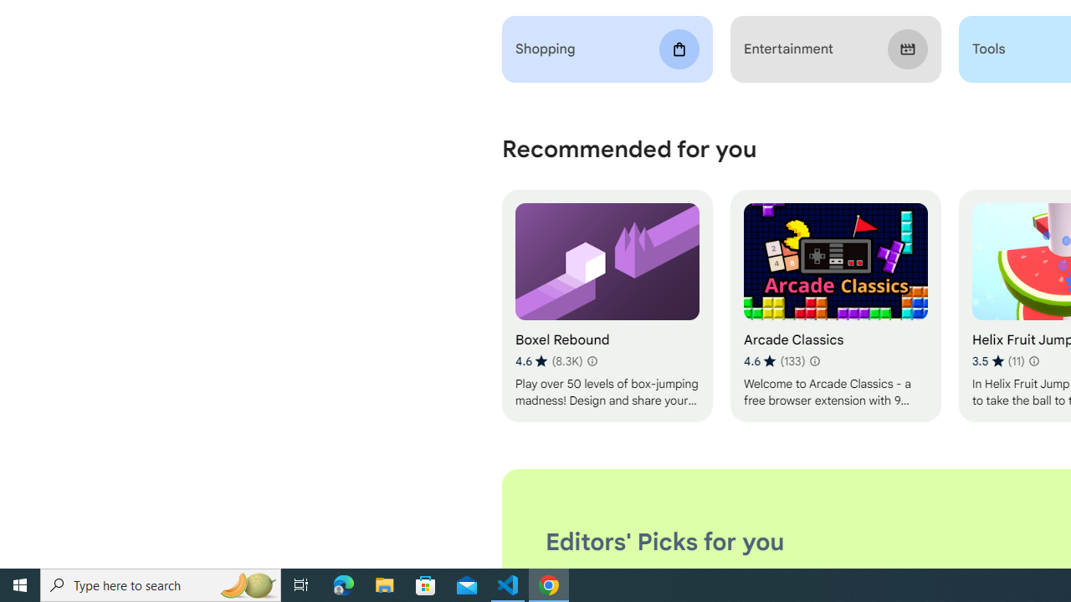 This screenshot has width=1071, height=602. Describe the element at coordinates (161, 584) in the screenshot. I see `'Type here to search'` at that location.